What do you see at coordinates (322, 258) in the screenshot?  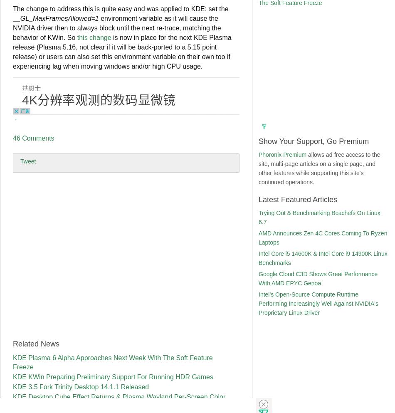 I see `'Intel Core i5 14600K & Intel Core i9 14900K Linux Benchmarks'` at bounding box center [322, 258].